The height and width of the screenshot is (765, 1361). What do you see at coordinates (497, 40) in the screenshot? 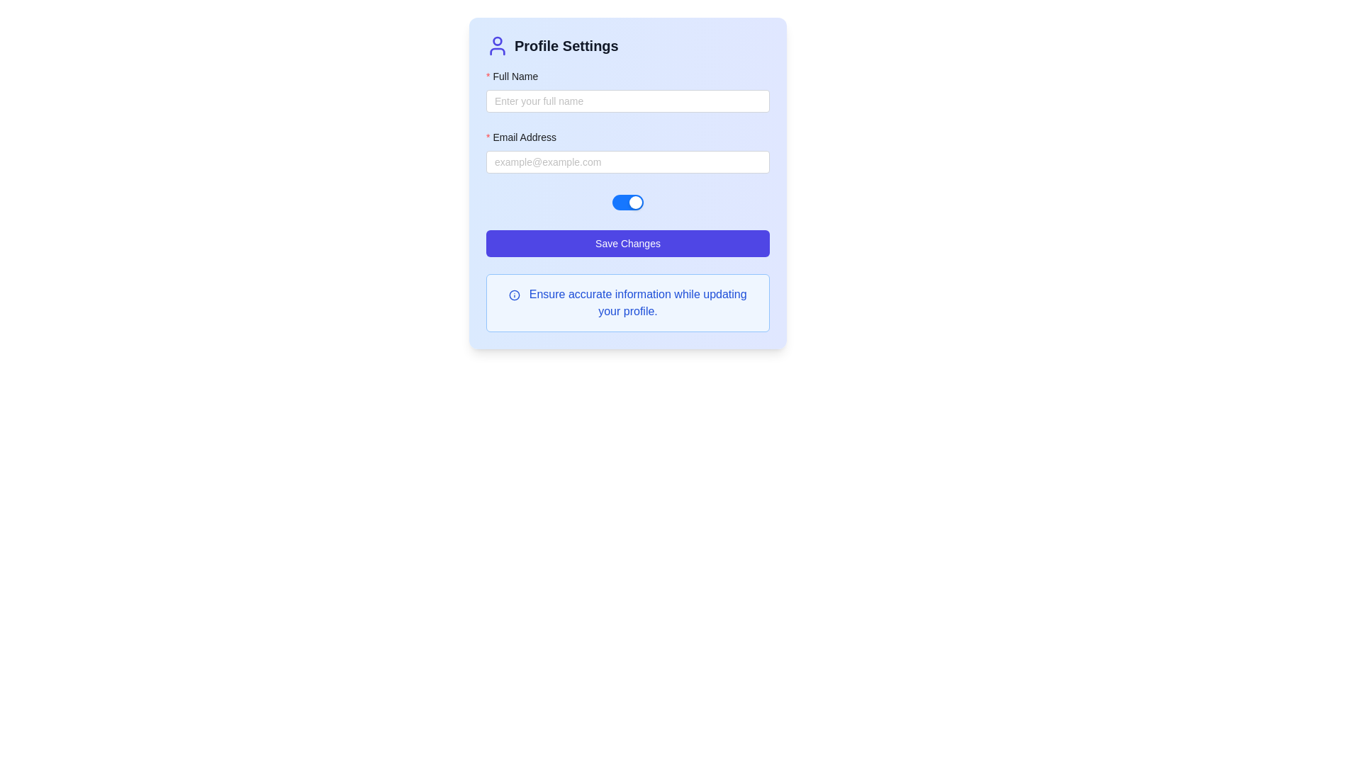
I see `the small circular shape located in the top-left corner of the profile settings modal, which is part of the user icon within an SVG graphic` at bounding box center [497, 40].